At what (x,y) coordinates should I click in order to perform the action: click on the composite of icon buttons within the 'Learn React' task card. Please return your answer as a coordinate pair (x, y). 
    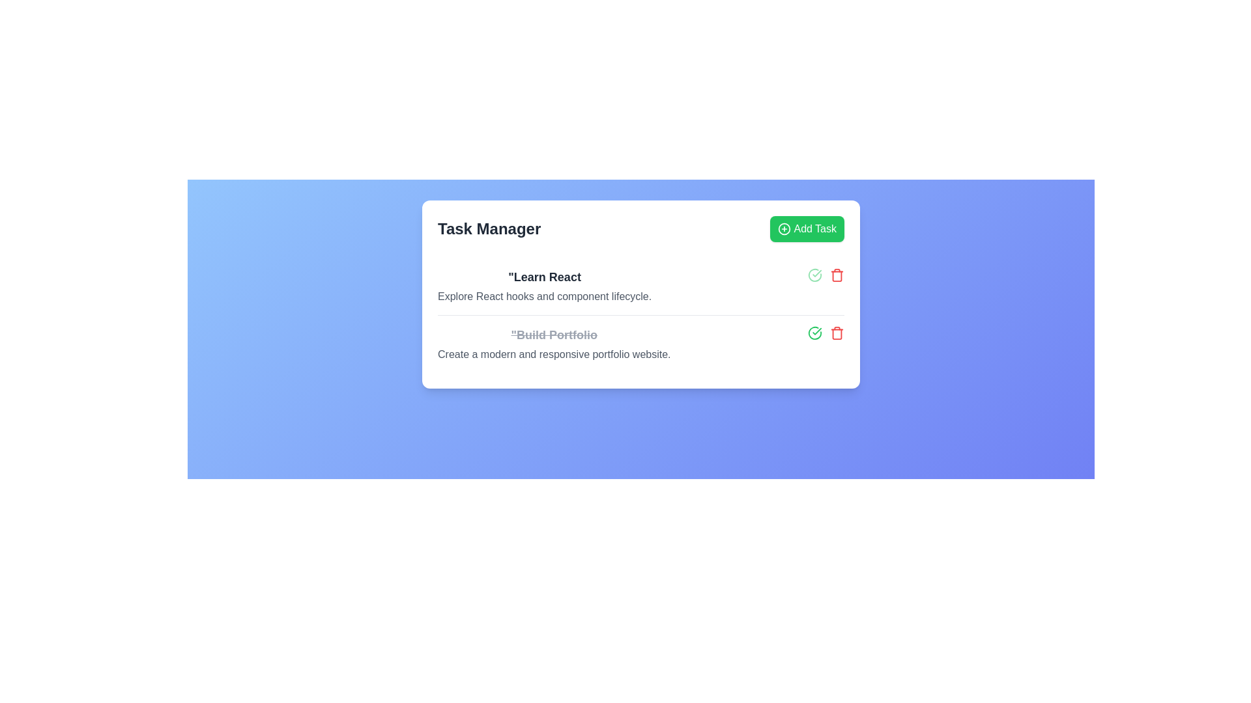
    Looking at the image, I should click on (825, 275).